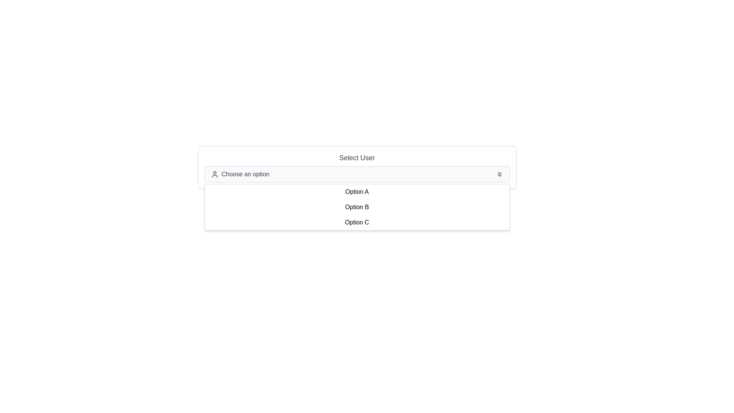  I want to click on the second option in the dropdown menu to trigger hover effects, so click(357, 207).